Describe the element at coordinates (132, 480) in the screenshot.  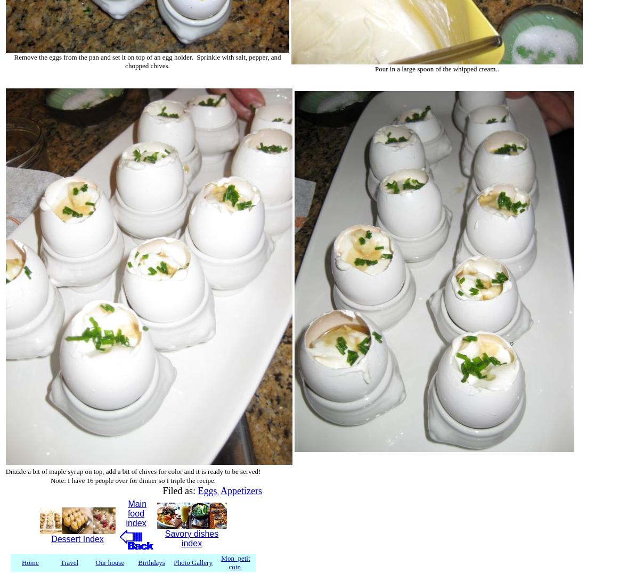
I see `'Note: I have 16 people over for dinner so I 
triple the recipe.'` at that location.